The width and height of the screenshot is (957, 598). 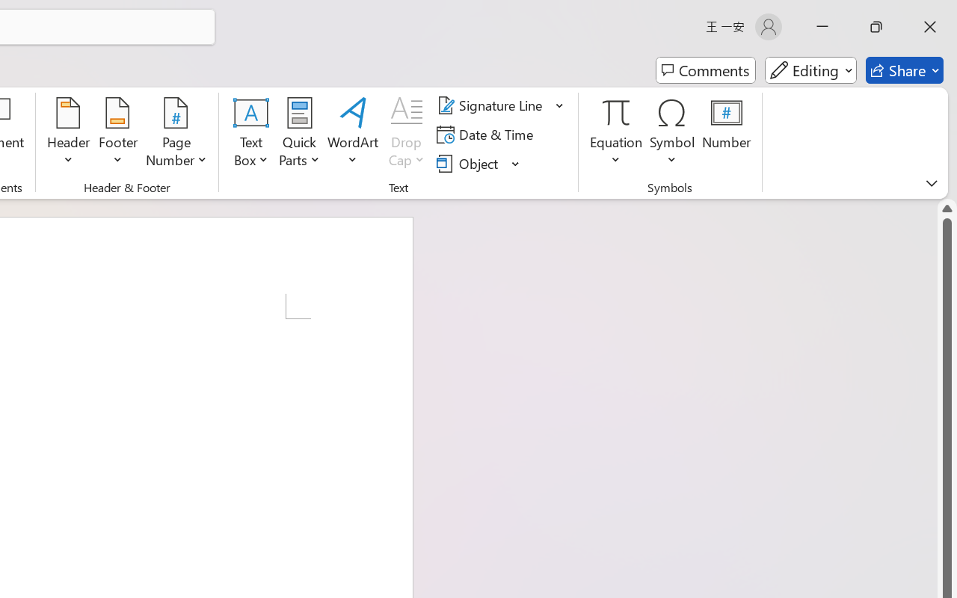 What do you see at coordinates (478, 163) in the screenshot?
I see `'Object...'` at bounding box center [478, 163].